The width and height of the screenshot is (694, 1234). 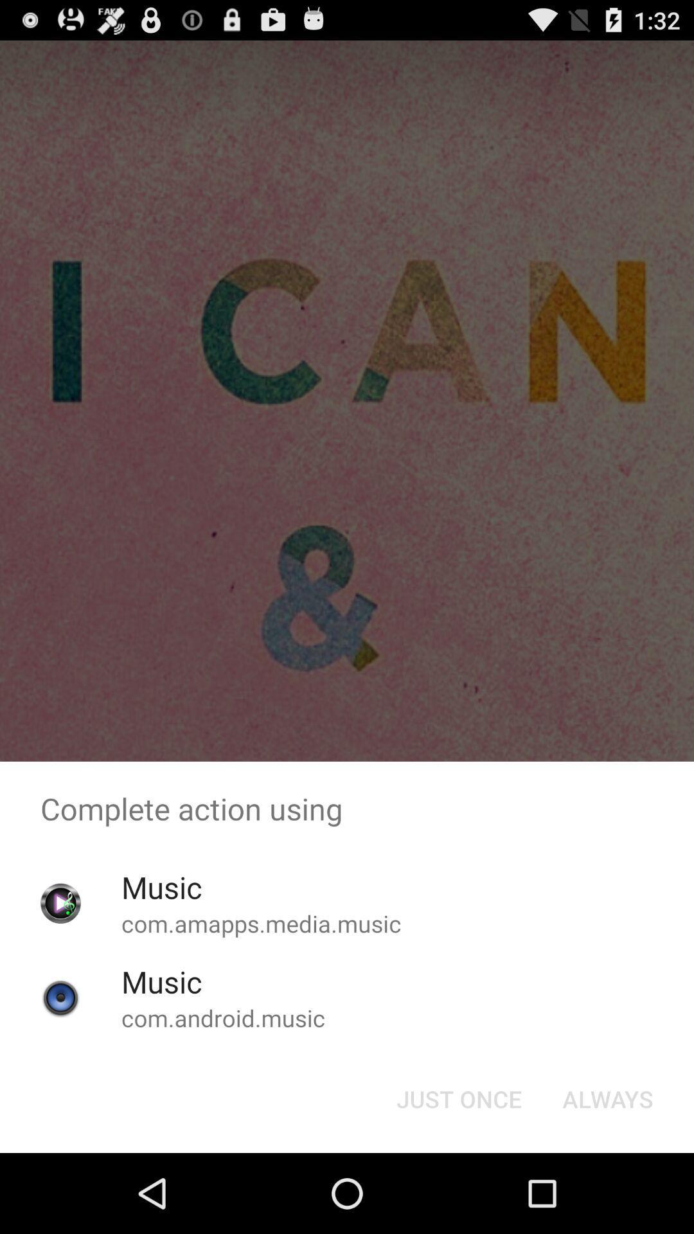 I want to click on the icon to the left of always icon, so click(x=458, y=1098).